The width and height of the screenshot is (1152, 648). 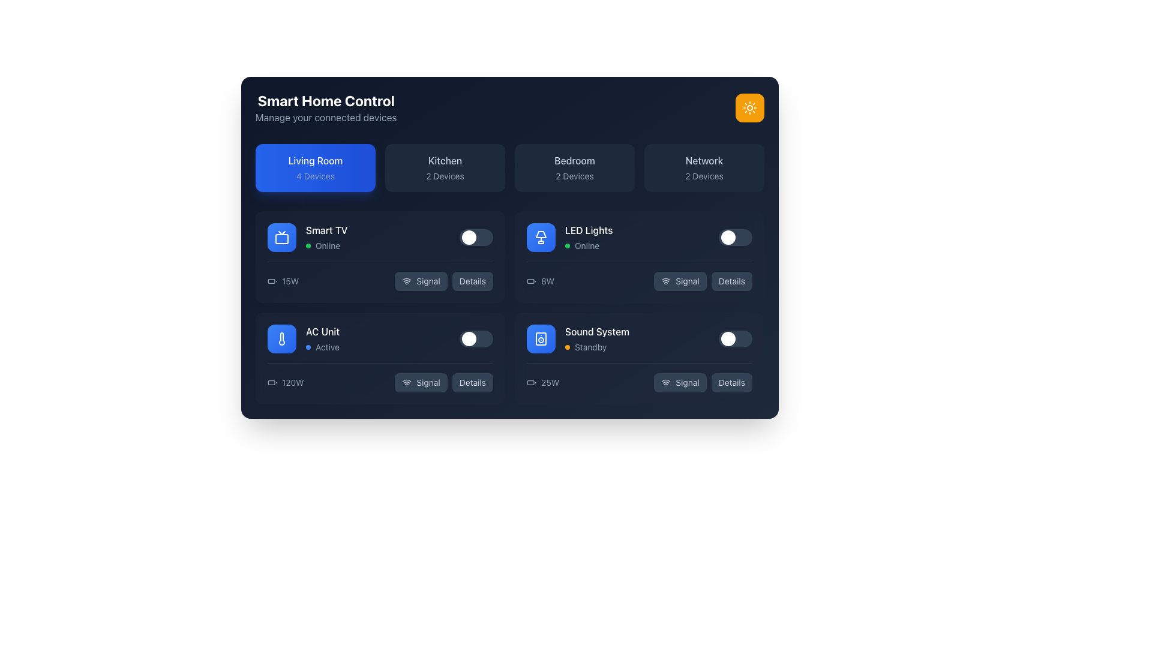 What do you see at coordinates (445, 176) in the screenshot?
I see `the label displaying '2 Devices', which is styled in light gray color and located below the 'Kitchen' text in the top row of the user interface` at bounding box center [445, 176].